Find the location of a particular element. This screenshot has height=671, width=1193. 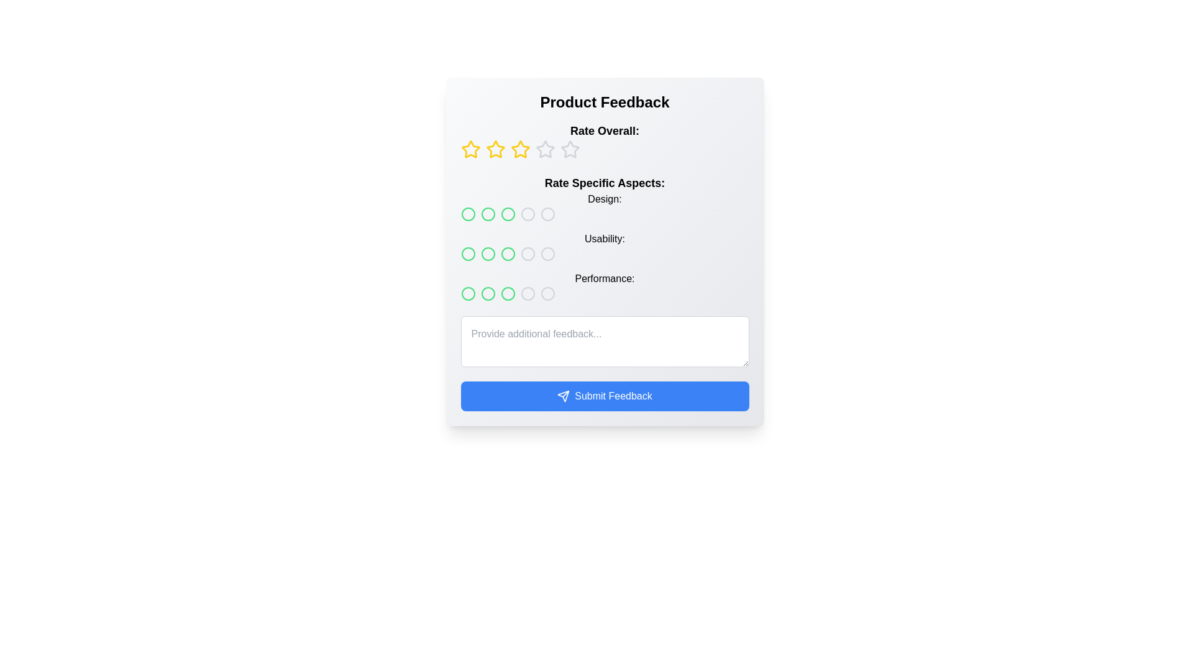

the fourth circular rating selector icon for the 'Performance' category is located at coordinates (547, 294).